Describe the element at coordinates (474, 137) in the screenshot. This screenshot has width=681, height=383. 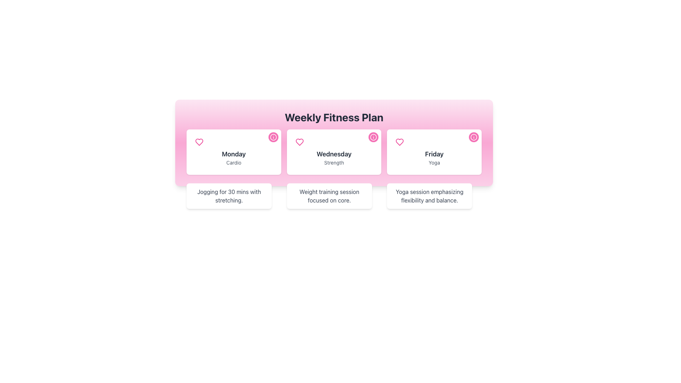
I see `the action button located at the top-right corner of the 'Friday' card` at that location.